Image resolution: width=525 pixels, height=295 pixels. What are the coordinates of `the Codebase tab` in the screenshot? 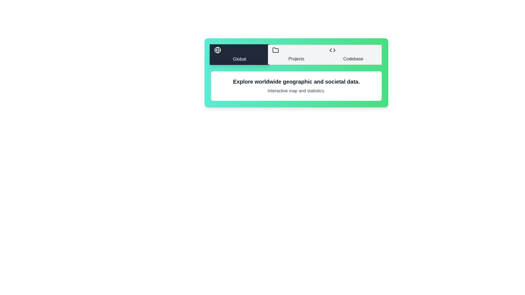 It's located at (353, 55).